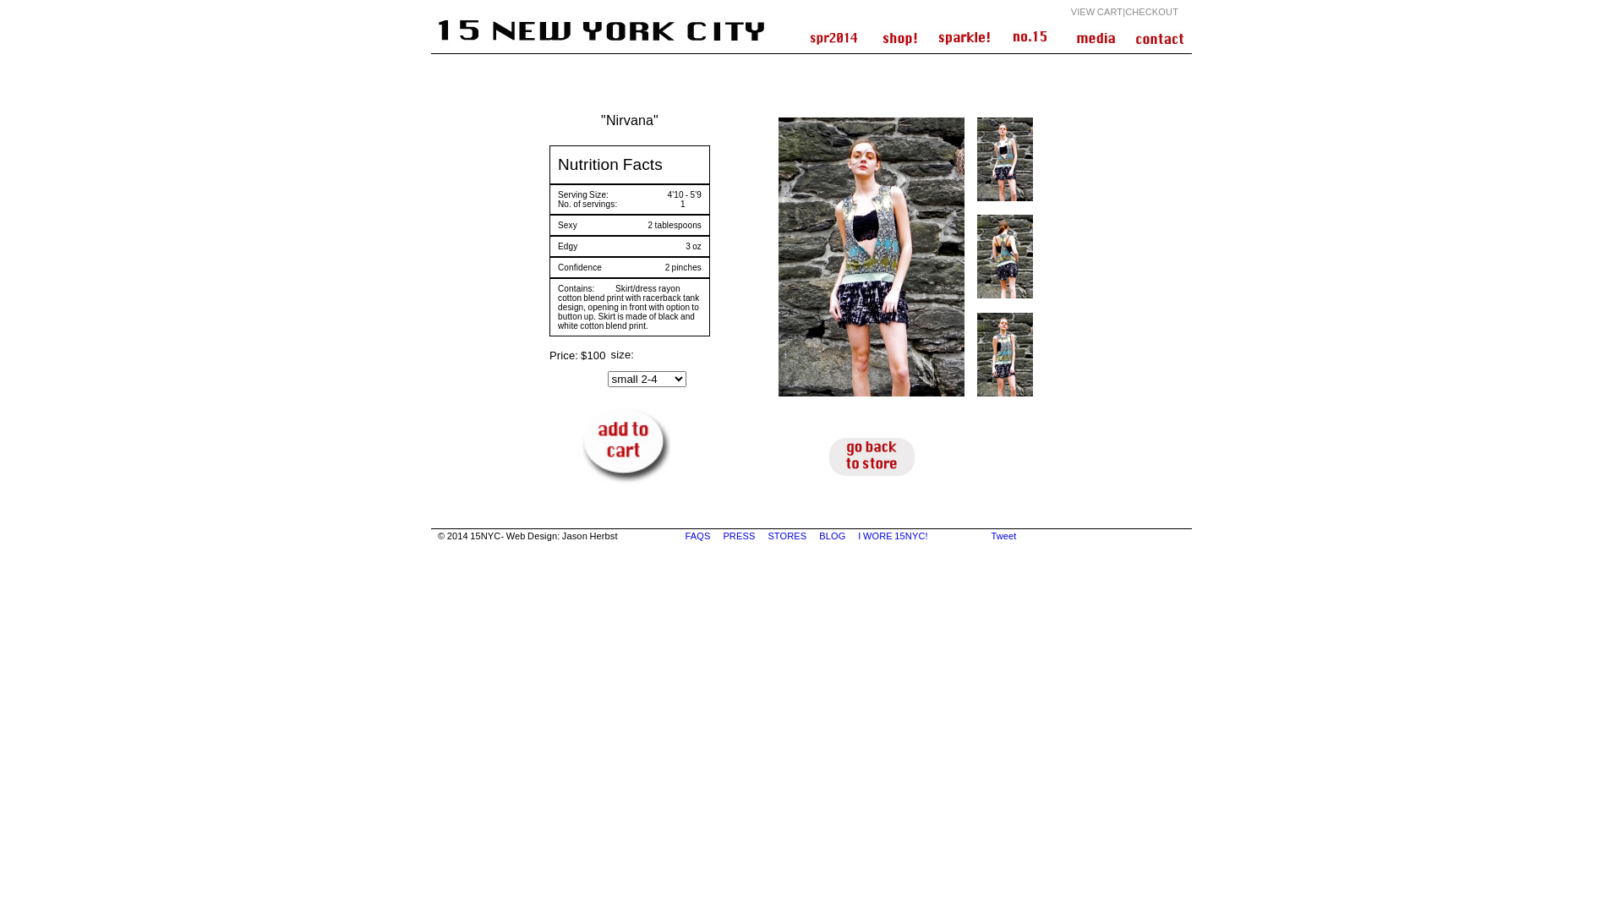  Describe the element at coordinates (786, 535) in the screenshot. I see `'STORES'` at that location.